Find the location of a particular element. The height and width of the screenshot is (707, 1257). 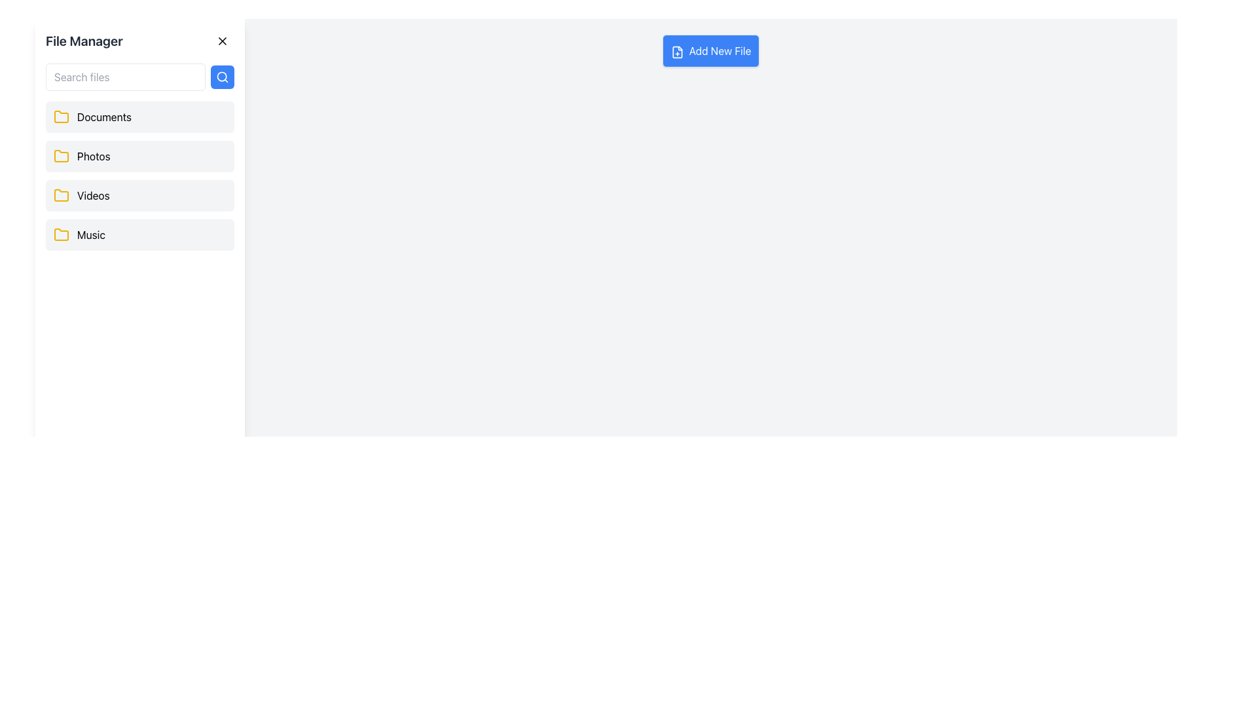

the 'Documents' folder icon located at the top-left of the vertical file navigation menu is located at coordinates (61, 116).